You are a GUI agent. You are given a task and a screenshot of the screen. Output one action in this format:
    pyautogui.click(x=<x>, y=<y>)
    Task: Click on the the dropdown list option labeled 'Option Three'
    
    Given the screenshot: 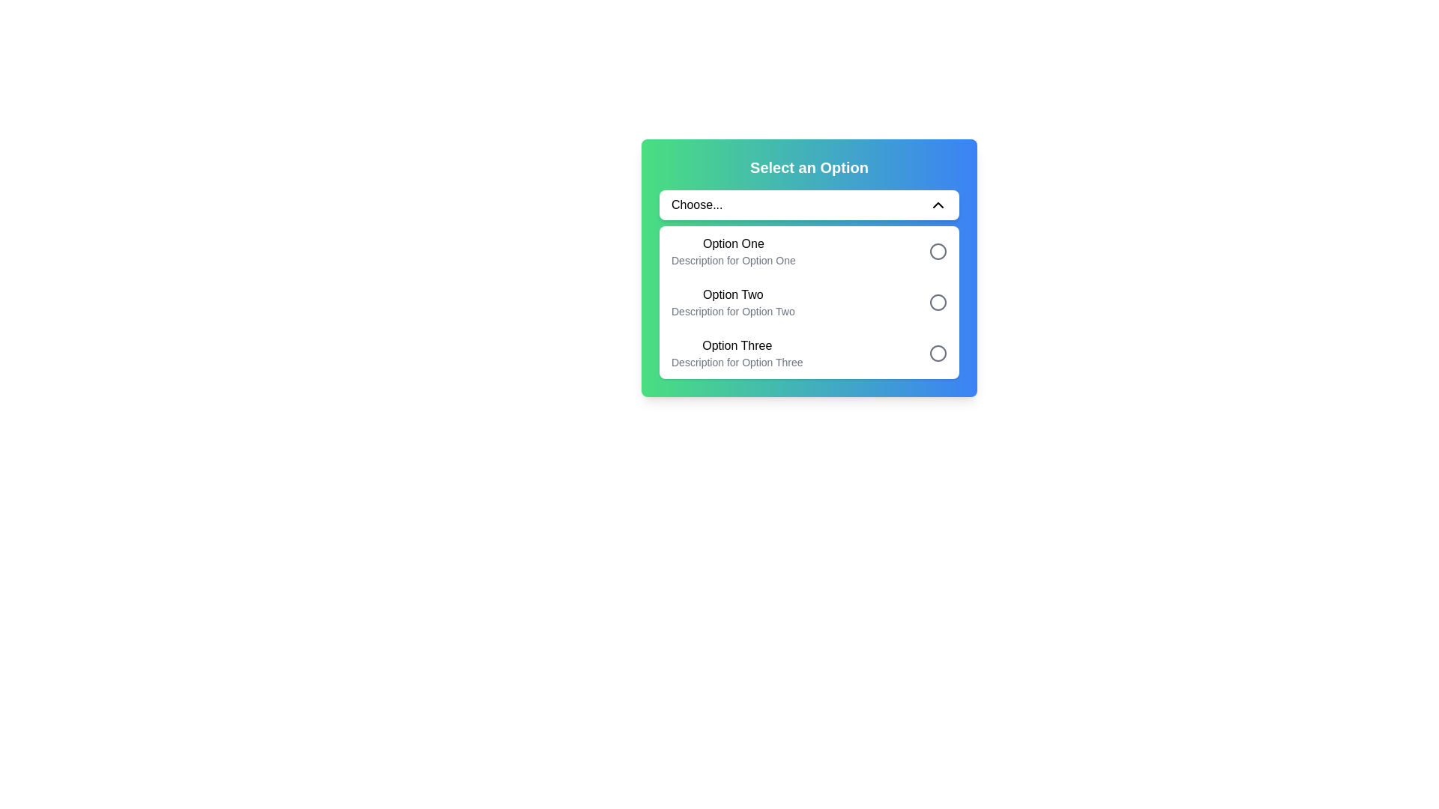 What is the action you would take?
    pyautogui.click(x=737, y=353)
    